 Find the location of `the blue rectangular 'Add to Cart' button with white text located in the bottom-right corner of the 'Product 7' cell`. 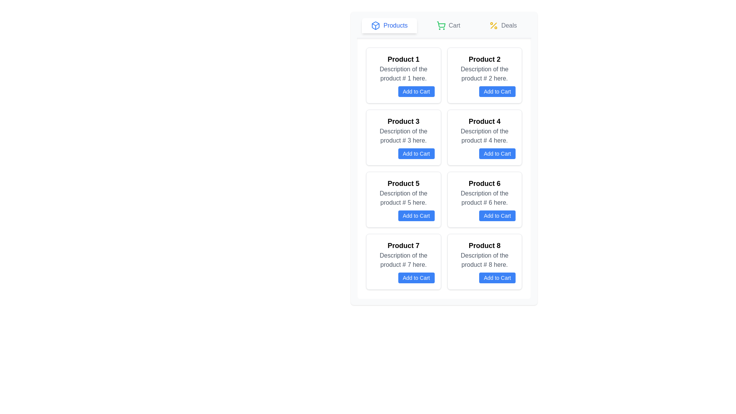

the blue rectangular 'Add to Cart' button with white text located in the bottom-right corner of the 'Product 7' cell is located at coordinates (403, 278).